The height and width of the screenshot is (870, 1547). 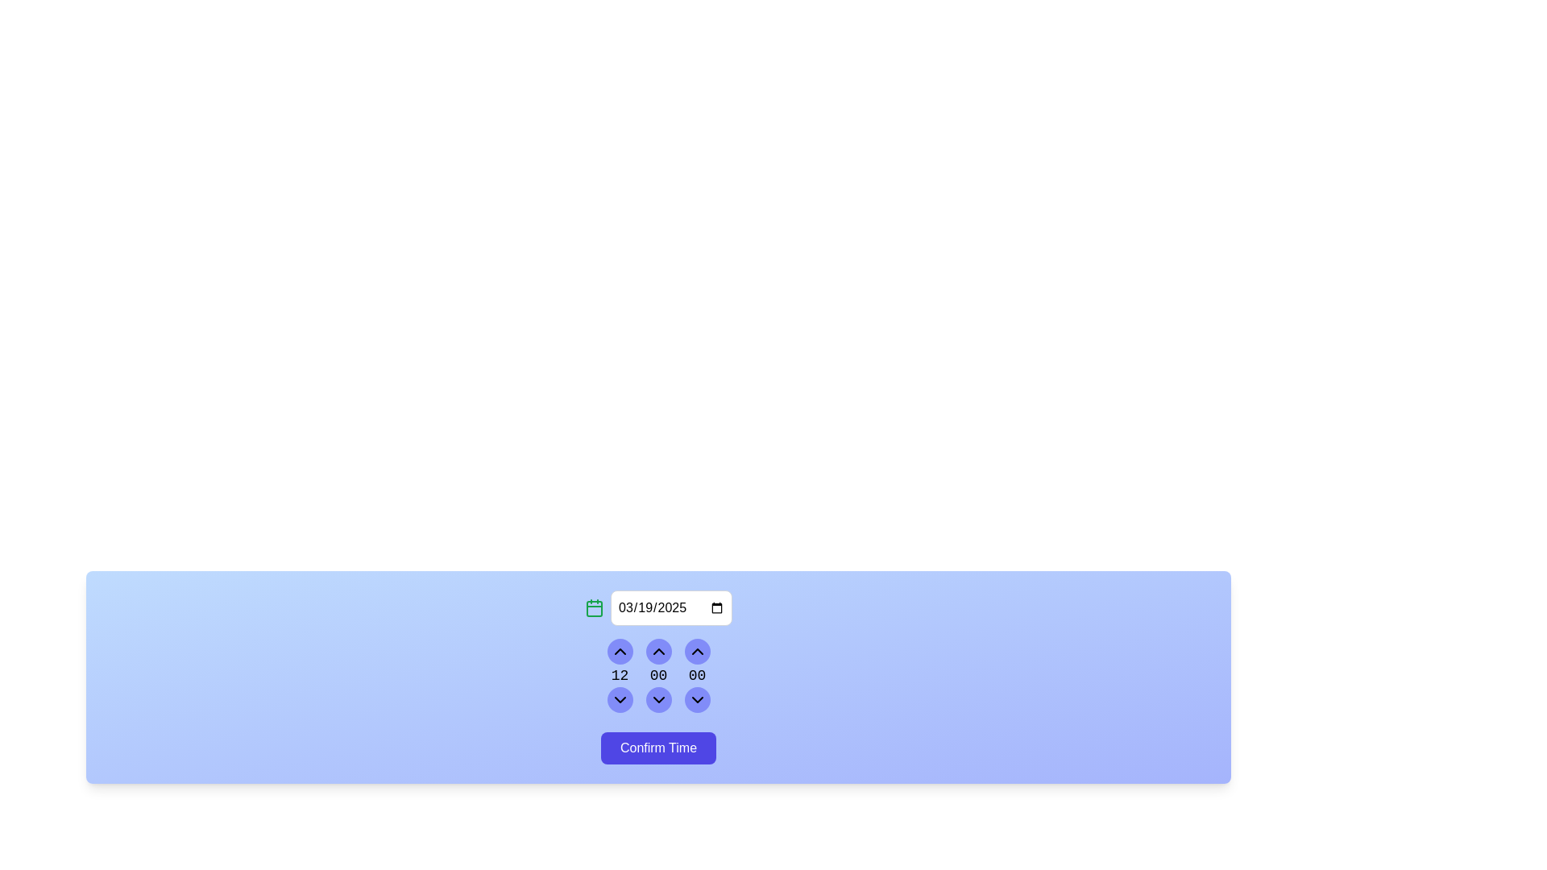 I want to click on the calendar icon located on the top-left of the date input field, which serves as an interactive element for date selection, so click(x=594, y=608).